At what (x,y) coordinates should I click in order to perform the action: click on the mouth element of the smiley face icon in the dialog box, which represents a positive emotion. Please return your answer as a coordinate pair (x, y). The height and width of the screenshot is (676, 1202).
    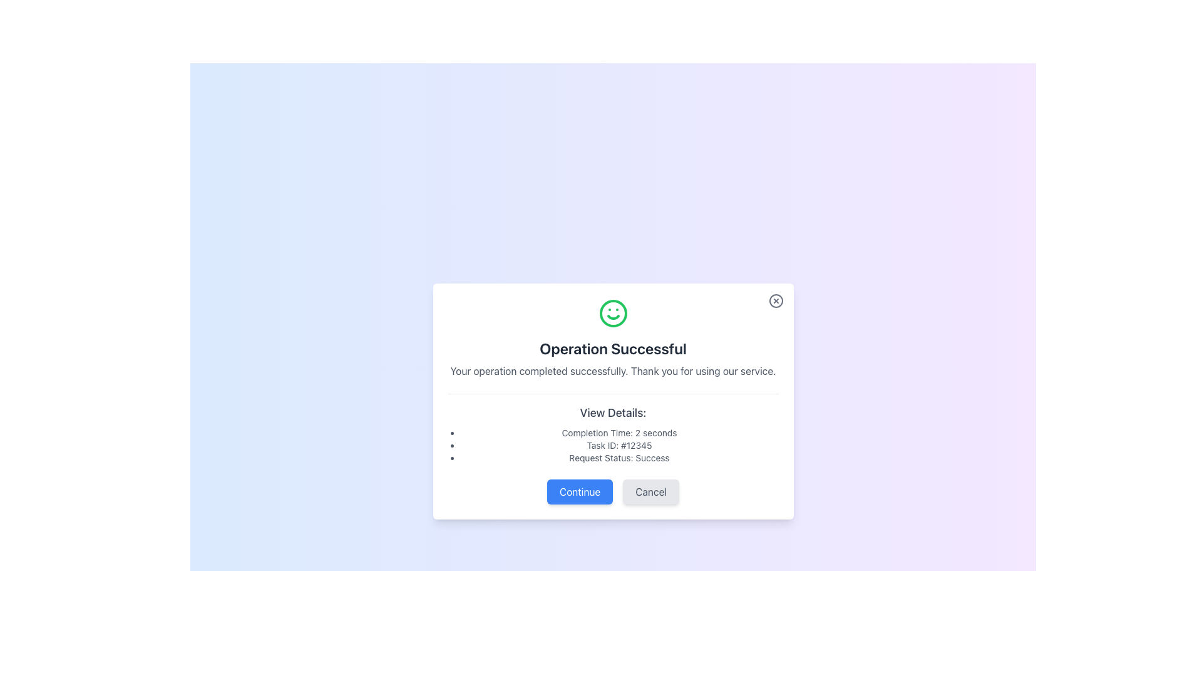
    Looking at the image, I should click on (613, 316).